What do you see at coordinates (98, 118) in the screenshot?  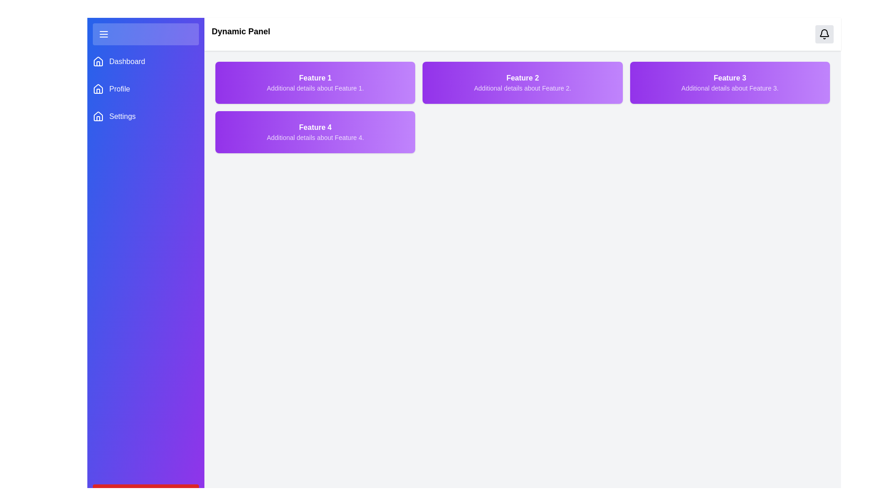 I see `the vertical segment of the house icon within the 'Settings' menu option in the left-hand sidebar navigation` at bounding box center [98, 118].